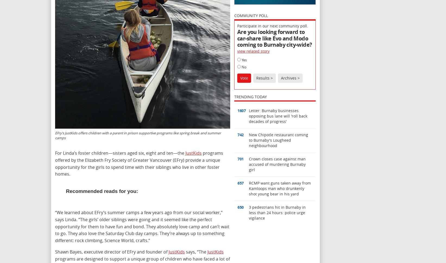 The width and height of the screenshot is (446, 263). I want to click on 'Shawn Bayes, executive director of EFry and founder of', so click(55, 251).